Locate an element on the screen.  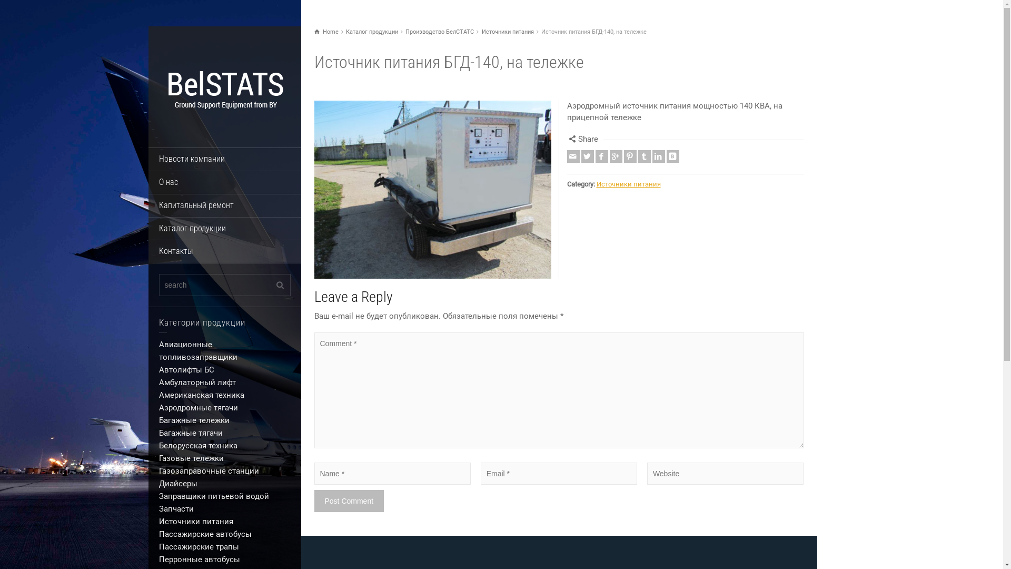
'Email' is located at coordinates (572, 156).